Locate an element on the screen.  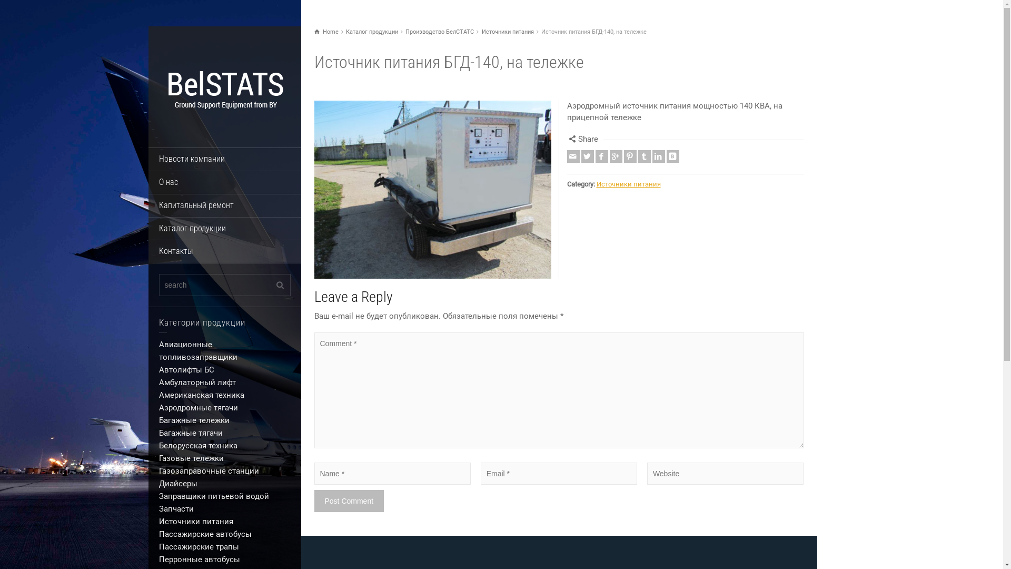
'Email' is located at coordinates (572, 156).